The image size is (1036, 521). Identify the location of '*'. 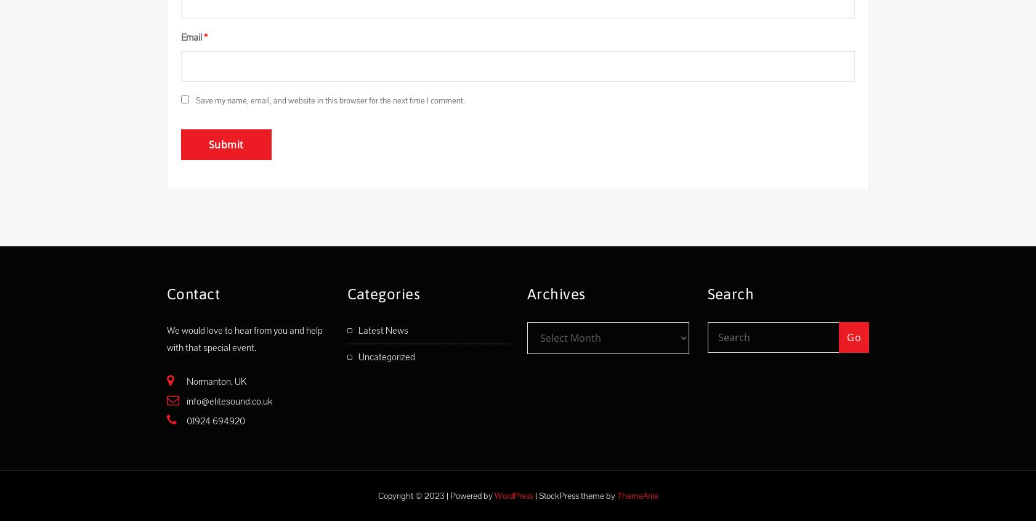
(205, 36).